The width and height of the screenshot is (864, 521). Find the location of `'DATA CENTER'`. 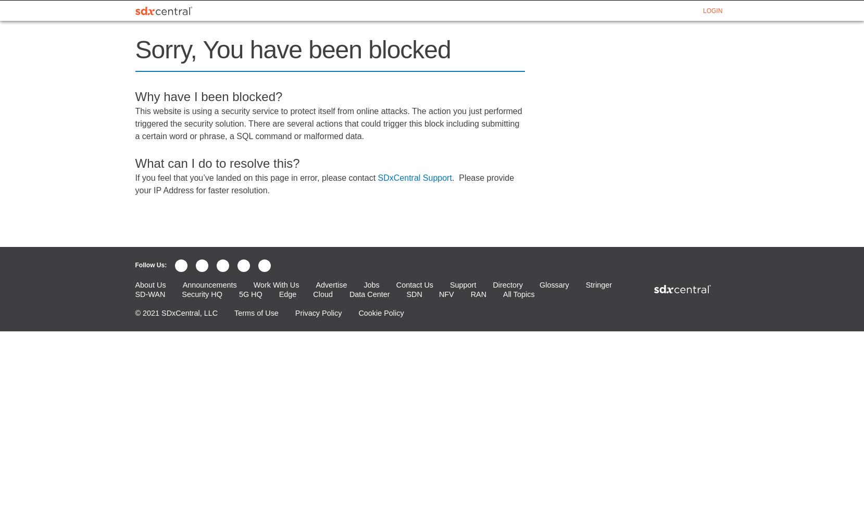

'DATA CENTER' is located at coordinates (418, 11).